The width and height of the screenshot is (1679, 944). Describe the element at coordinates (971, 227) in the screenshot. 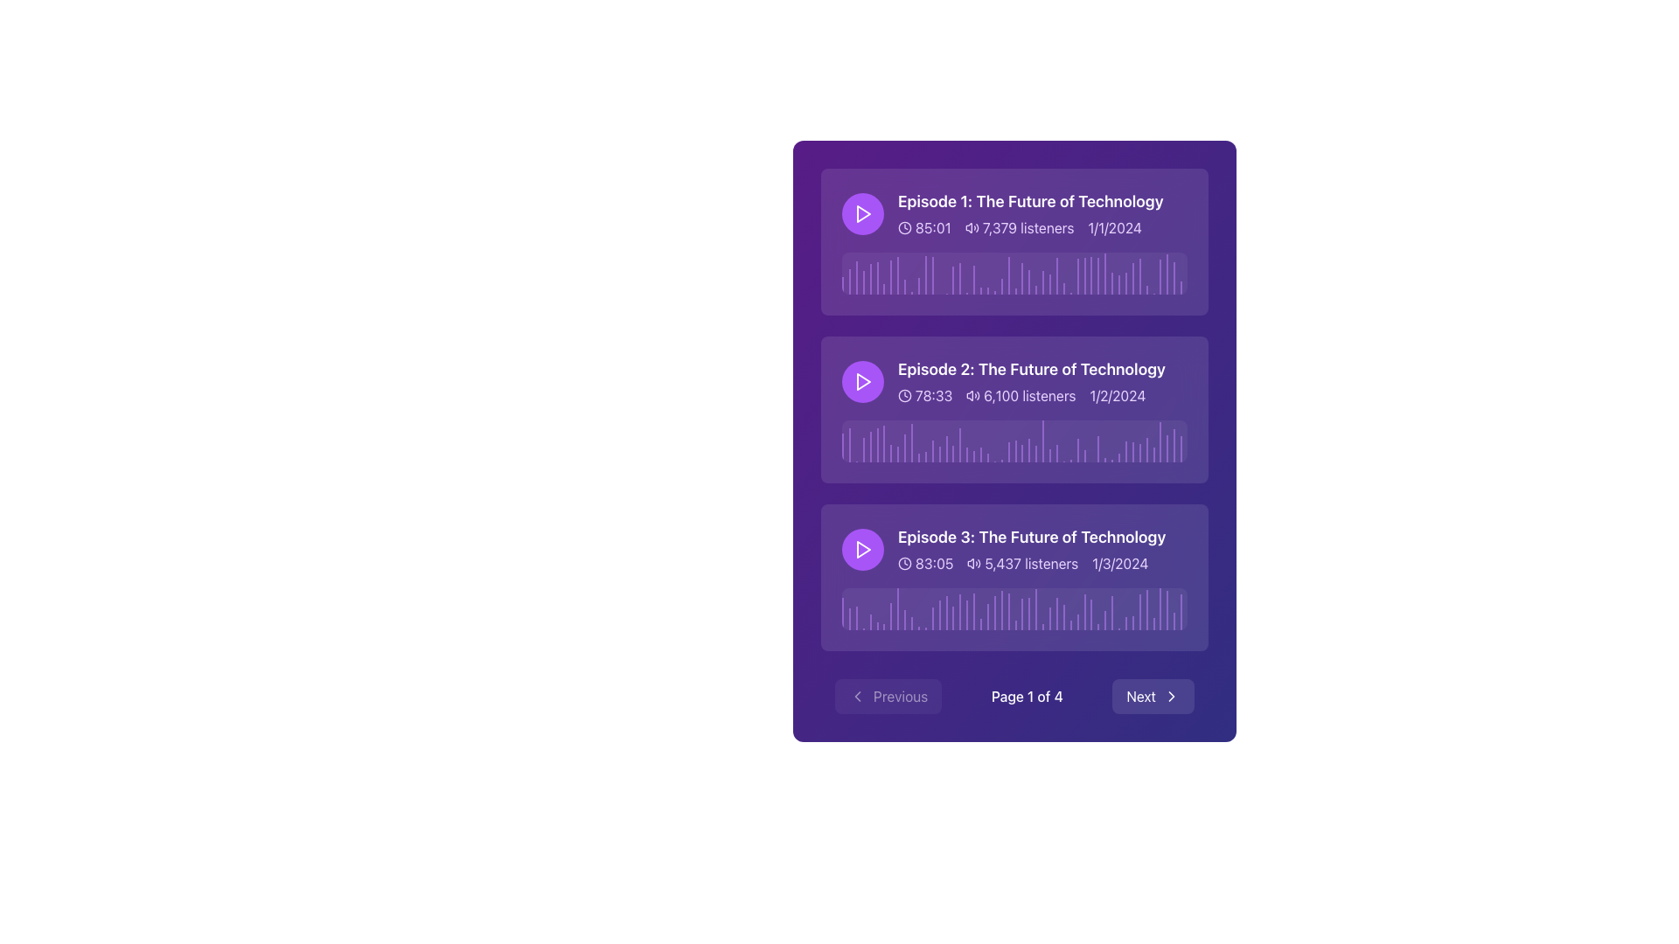

I see `the small speaker icon that visually represents audio-related functionality, located immediately to the left of the listener count text ('7,379 listeners') in the first row of the podcast episodes list` at that location.